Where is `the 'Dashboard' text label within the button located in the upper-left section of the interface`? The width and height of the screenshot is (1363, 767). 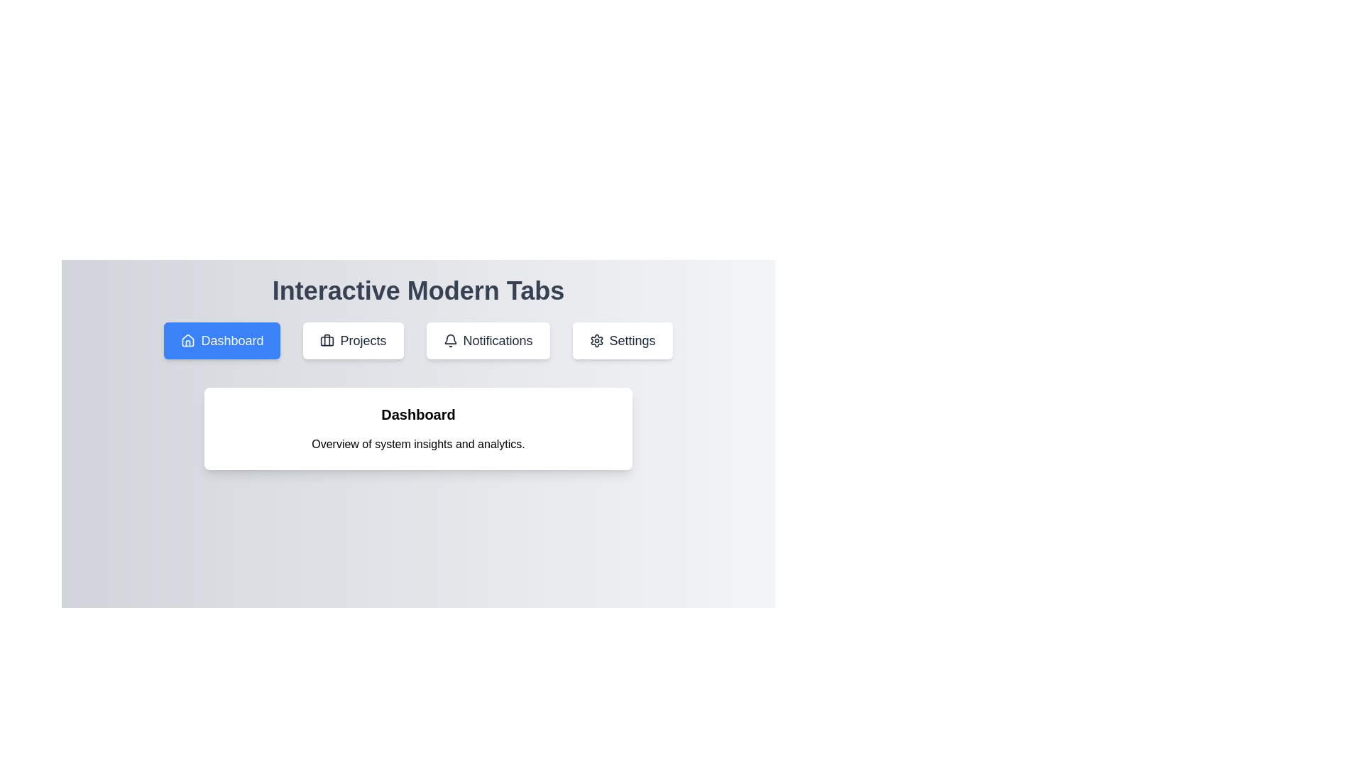 the 'Dashboard' text label within the button located in the upper-left section of the interface is located at coordinates (232, 340).